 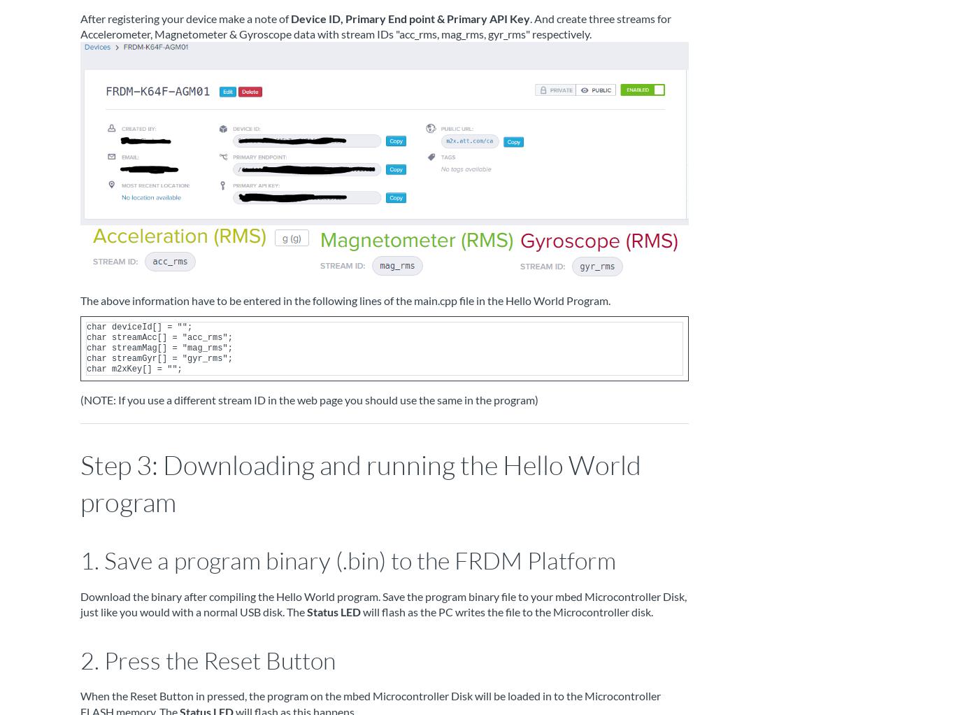 What do you see at coordinates (185, 17) in the screenshot?
I see `'After registering your device make a note of'` at bounding box center [185, 17].